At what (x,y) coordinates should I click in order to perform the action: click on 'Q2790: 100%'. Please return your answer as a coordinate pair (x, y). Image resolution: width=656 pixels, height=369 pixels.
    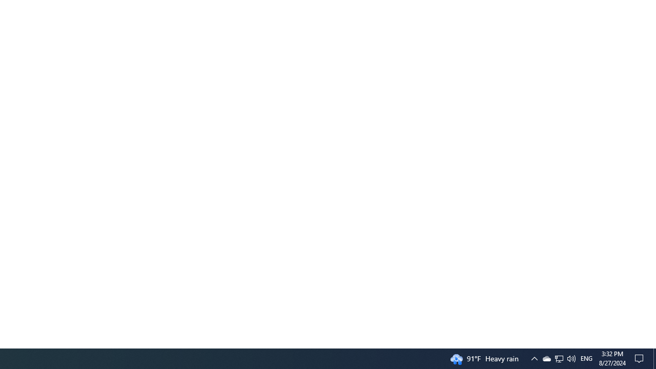
    Looking at the image, I should click on (546, 358).